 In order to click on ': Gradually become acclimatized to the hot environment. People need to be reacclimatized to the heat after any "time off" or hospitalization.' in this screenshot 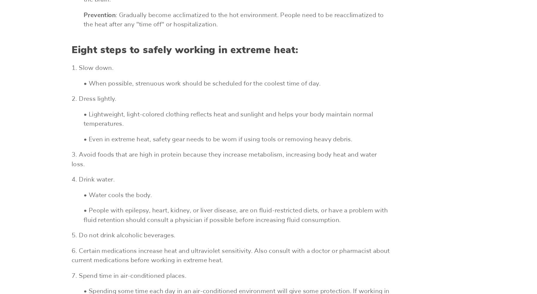, I will do `click(233, 19)`.